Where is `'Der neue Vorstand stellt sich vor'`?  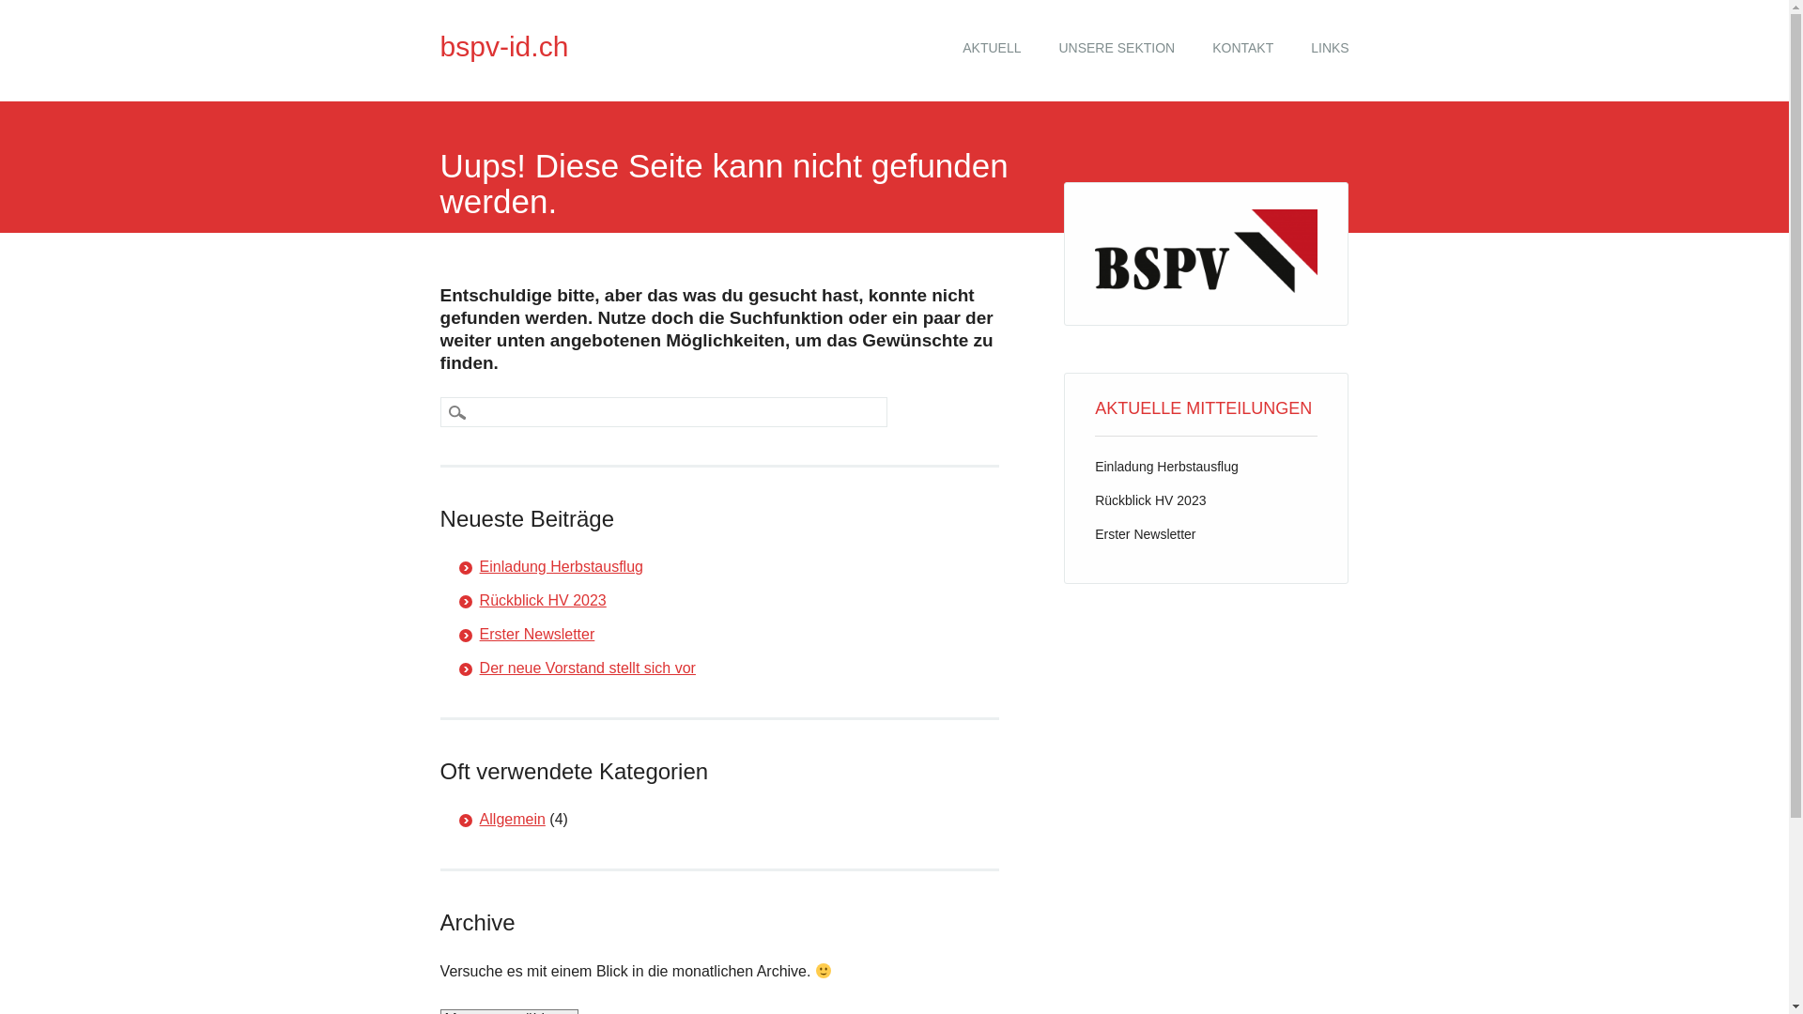
'Der neue Vorstand stellt sich vor' is located at coordinates (586, 667).